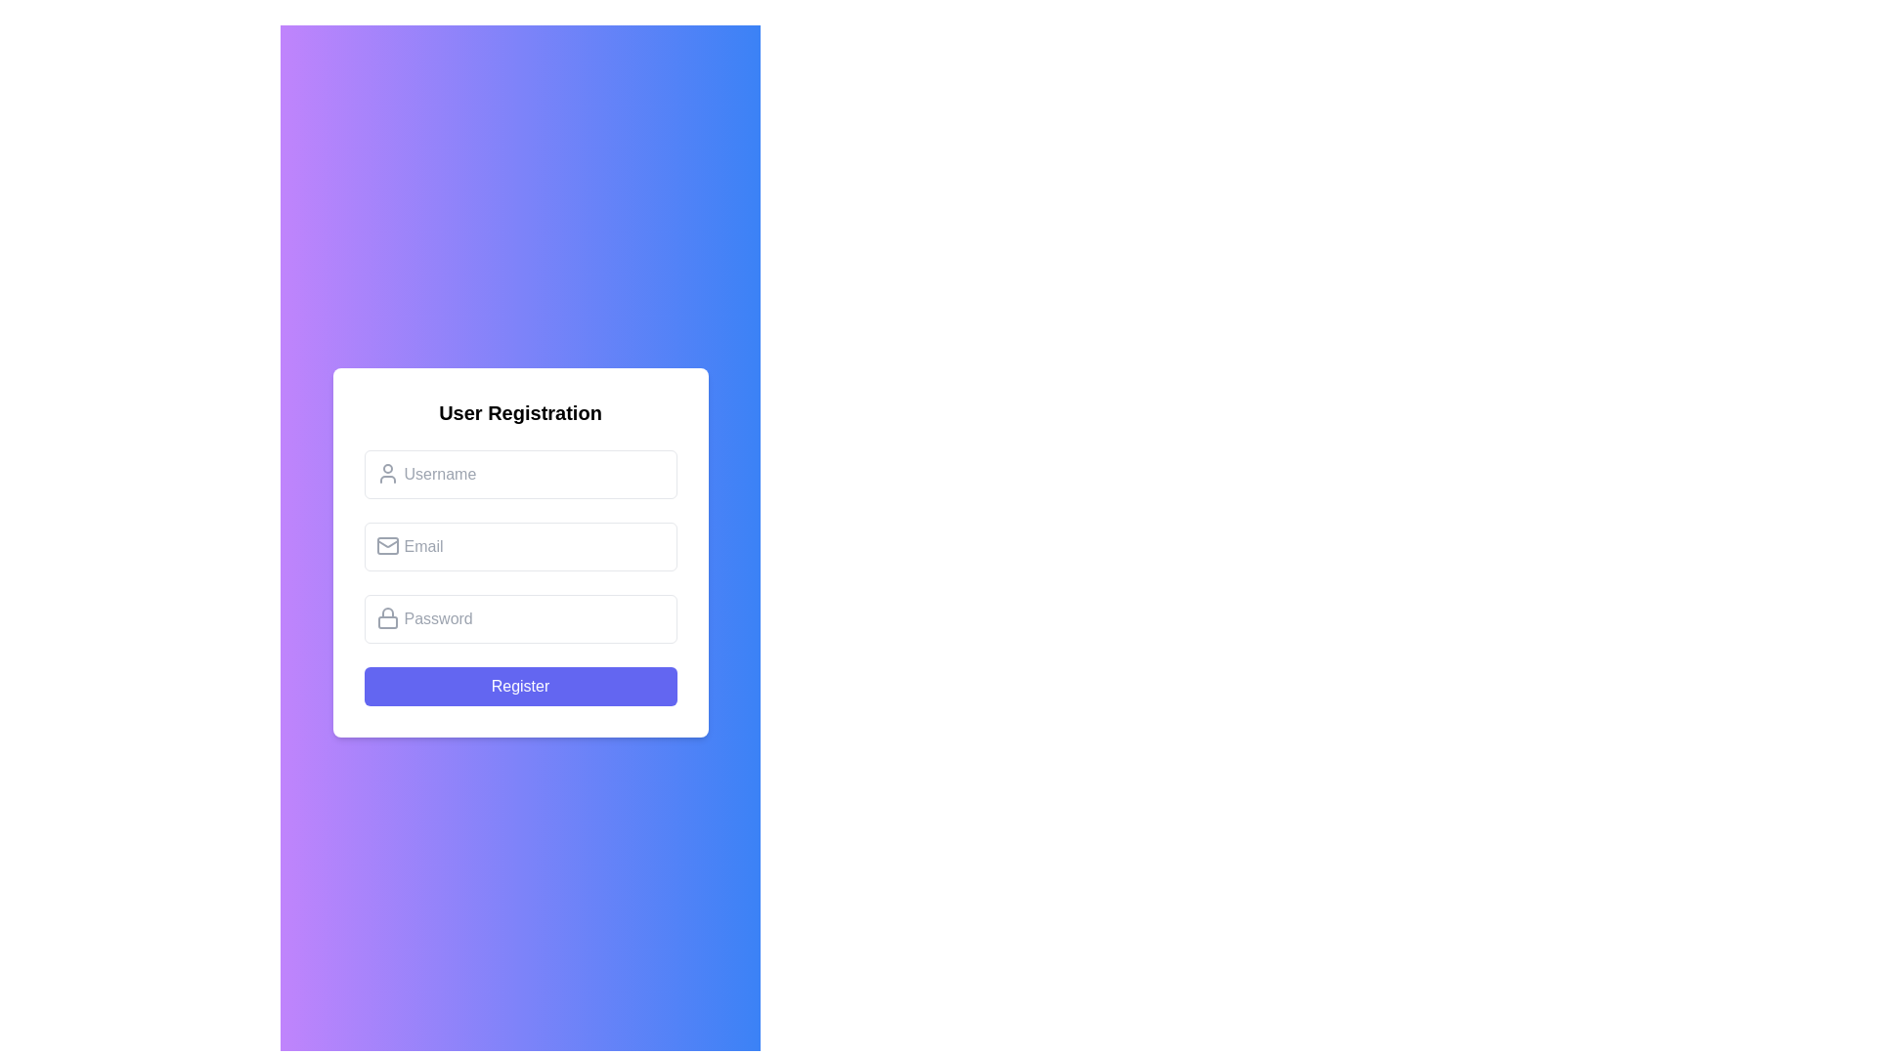 Image resolution: width=1877 pixels, height=1055 pixels. Describe the element at coordinates (387, 617) in the screenshot. I see `the minimalist gray lock icon located inside the password input field, positioned to the left near the top-left corner` at that location.